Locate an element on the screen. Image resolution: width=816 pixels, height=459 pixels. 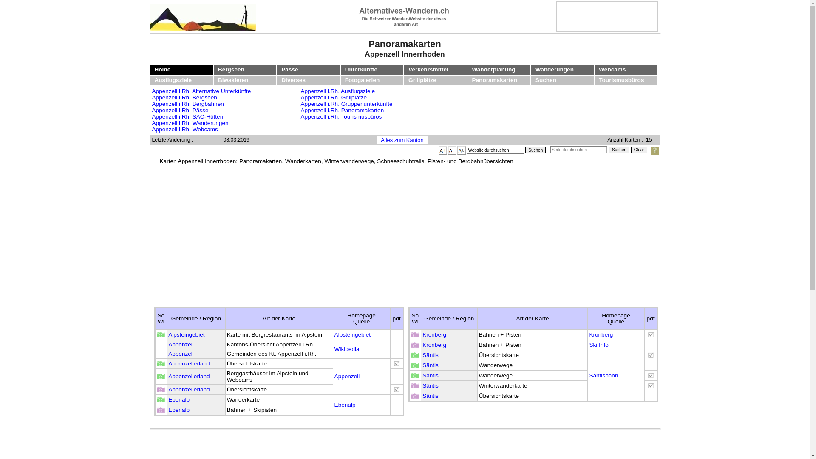
'Wanderungen' is located at coordinates (555, 69).